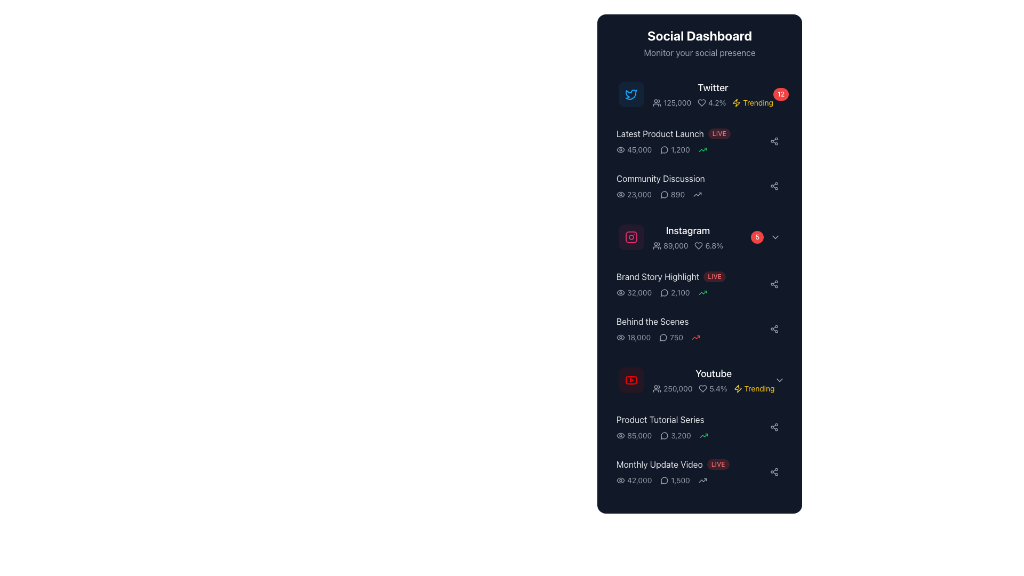  Describe the element at coordinates (737, 389) in the screenshot. I see `the lightning bolt icon, which is yellow and located next to the text 'Trending' in the Youtube section of the Social Dashboard panel` at that location.